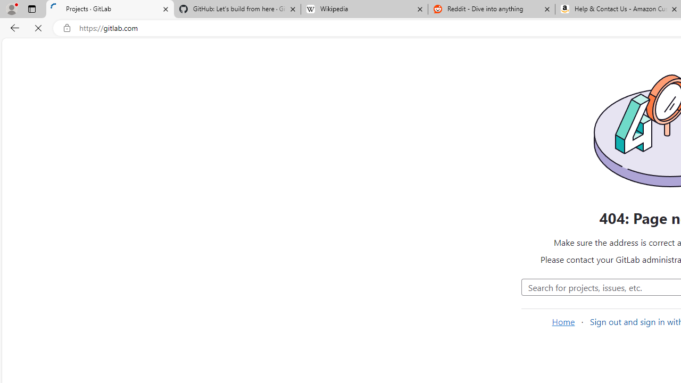 This screenshot has width=681, height=383. I want to click on 'Reddit - Dive into anything', so click(491, 9).